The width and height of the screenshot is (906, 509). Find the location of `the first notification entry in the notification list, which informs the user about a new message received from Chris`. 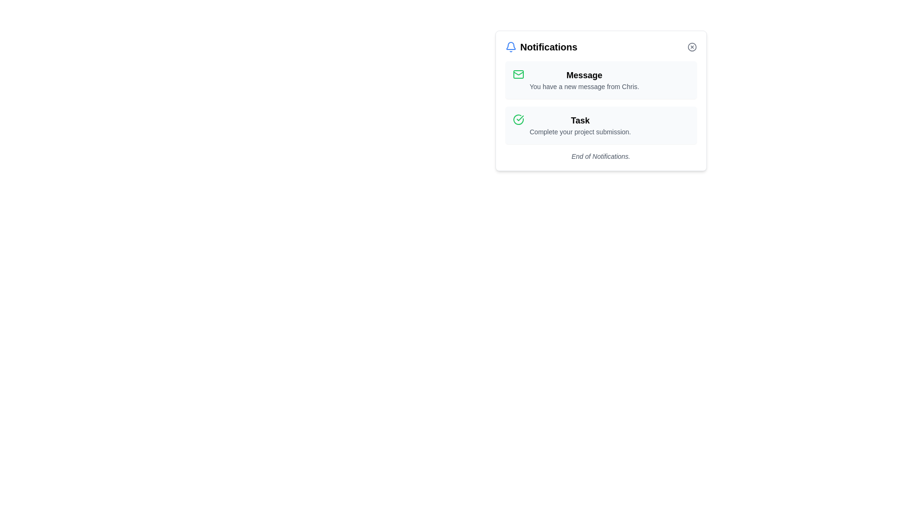

the first notification entry in the notification list, which informs the user about a new message received from Chris is located at coordinates (600, 79).